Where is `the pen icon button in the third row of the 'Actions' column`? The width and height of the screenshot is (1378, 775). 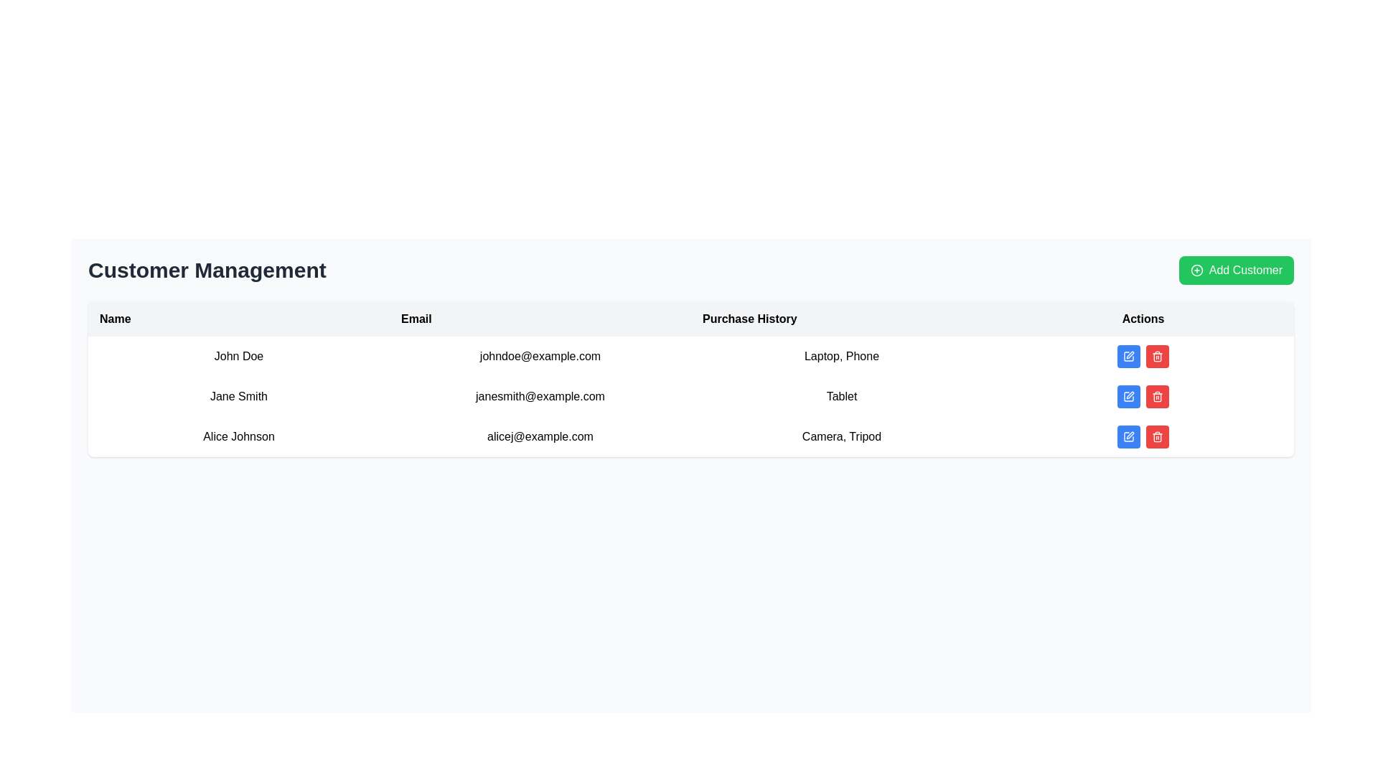 the pen icon button in the third row of the 'Actions' column is located at coordinates (1129, 434).